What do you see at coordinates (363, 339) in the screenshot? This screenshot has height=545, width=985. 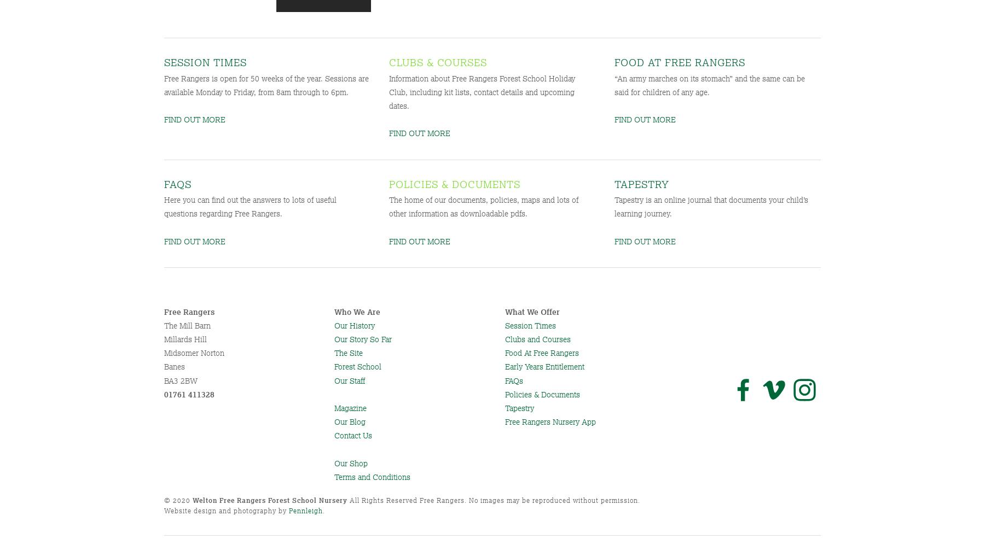 I see `'Our Story So Far'` at bounding box center [363, 339].